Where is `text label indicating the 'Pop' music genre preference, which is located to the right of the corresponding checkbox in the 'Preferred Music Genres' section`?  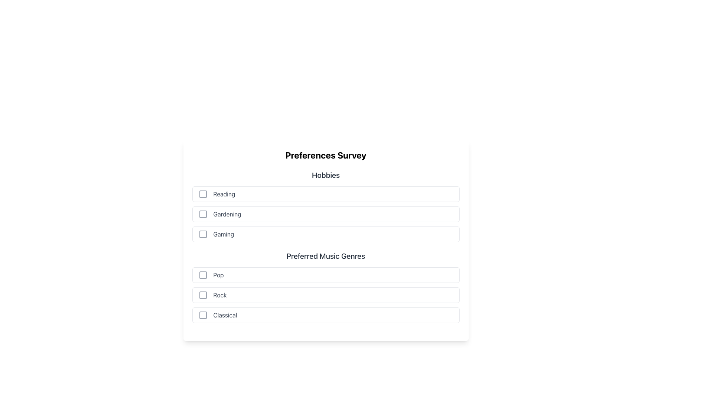
text label indicating the 'Pop' music genre preference, which is located to the right of the corresponding checkbox in the 'Preferred Music Genres' section is located at coordinates (218, 275).